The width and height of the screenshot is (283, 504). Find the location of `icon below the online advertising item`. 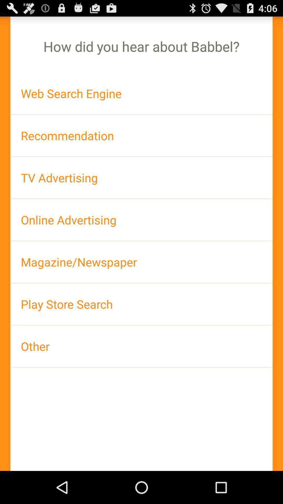

icon below the online advertising item is located at coordinates (141, 262).